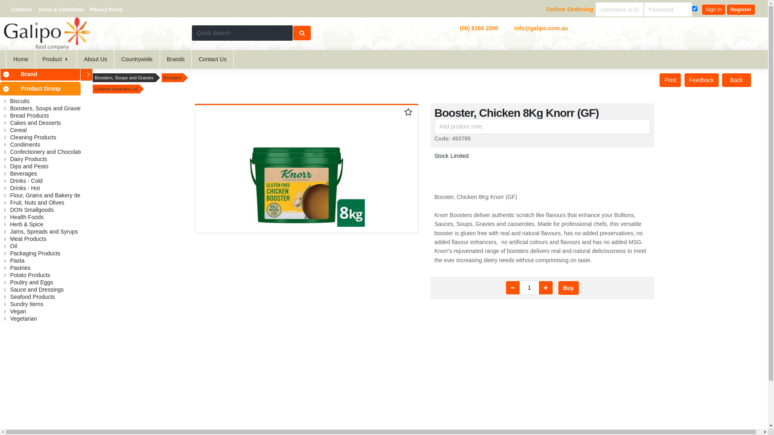 The height and width of the screenshot is (435, 774). What do you see at coordinates (9, 304) in the screenshot?
I see `'Sundry Items'` at bounding box center [9, 304].